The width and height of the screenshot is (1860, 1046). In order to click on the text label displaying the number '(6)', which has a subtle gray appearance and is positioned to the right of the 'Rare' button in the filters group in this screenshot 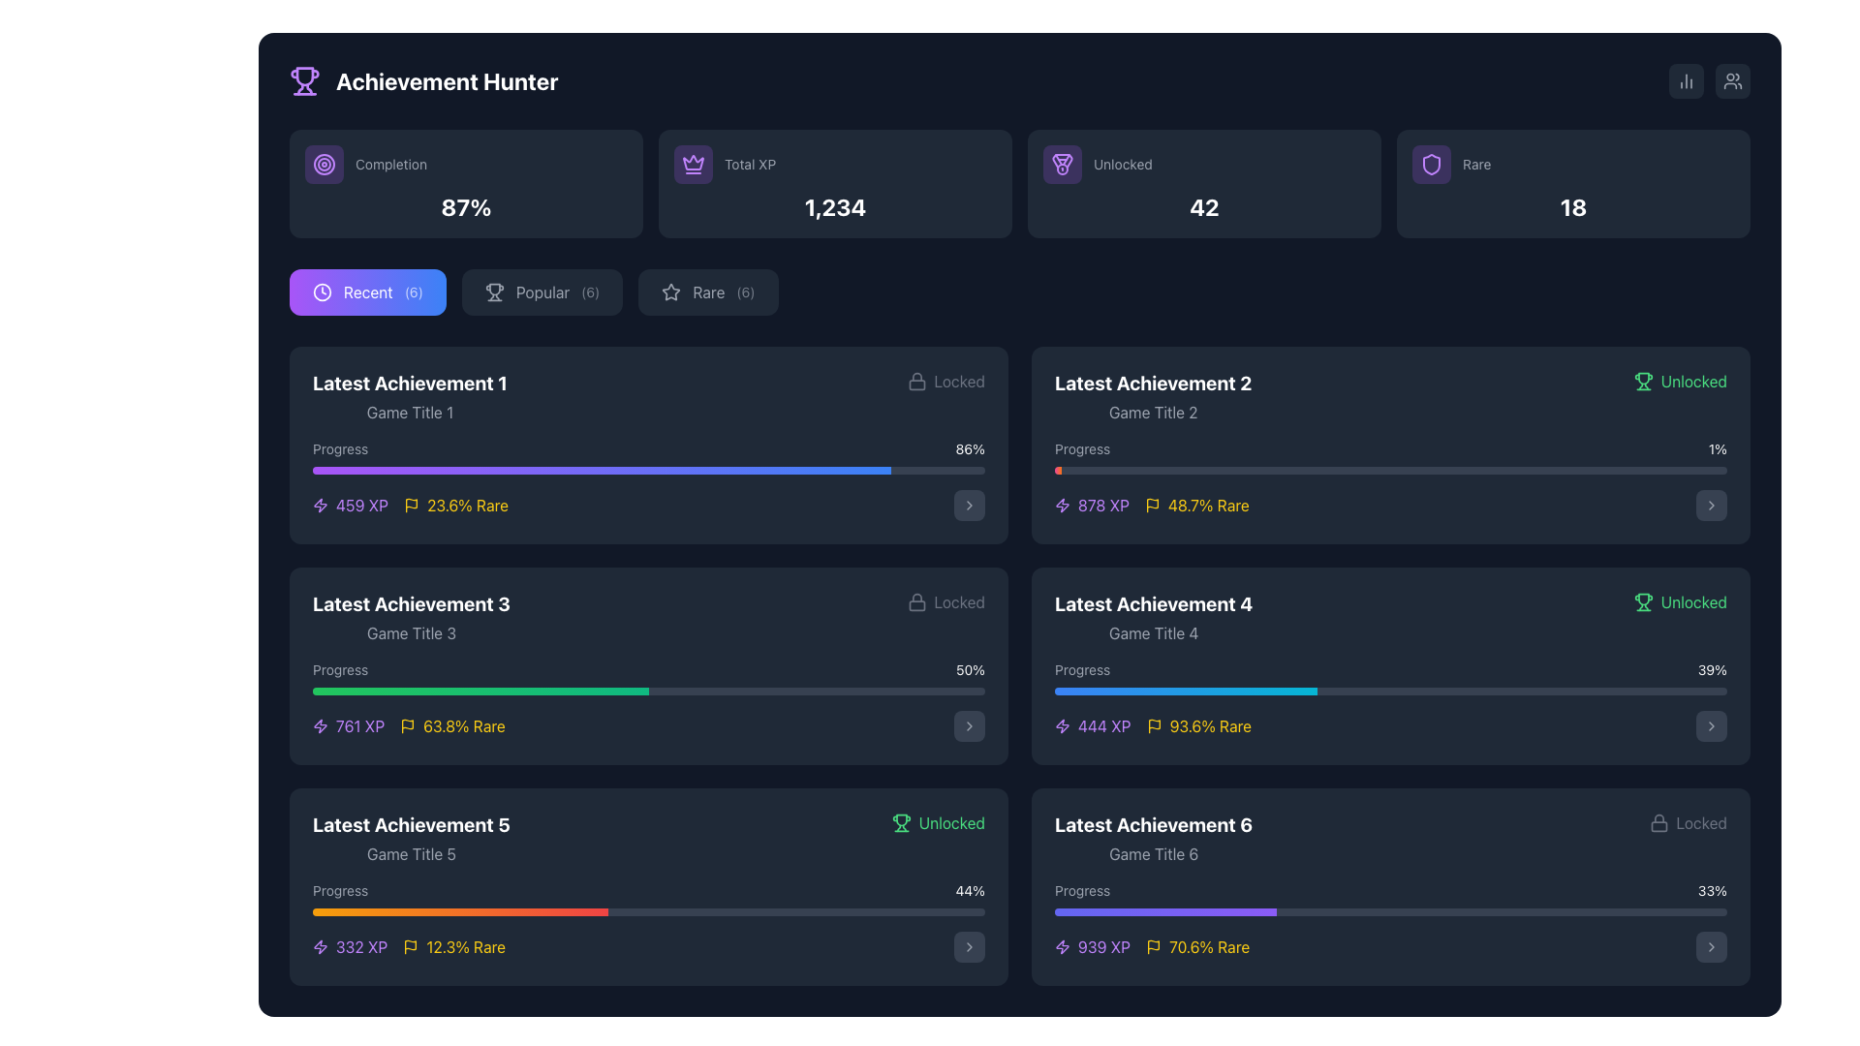, I will do `click(744, 292)`.